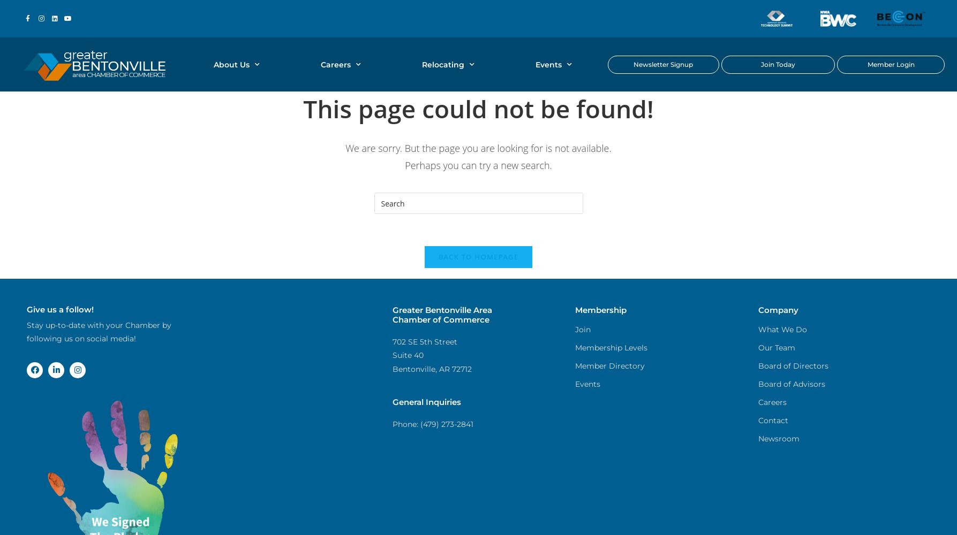 This screenshot has height=535, width=957. Describe the element at coordinates (610, 366) in the screenshot. I see `'Member Directory'` at that location.